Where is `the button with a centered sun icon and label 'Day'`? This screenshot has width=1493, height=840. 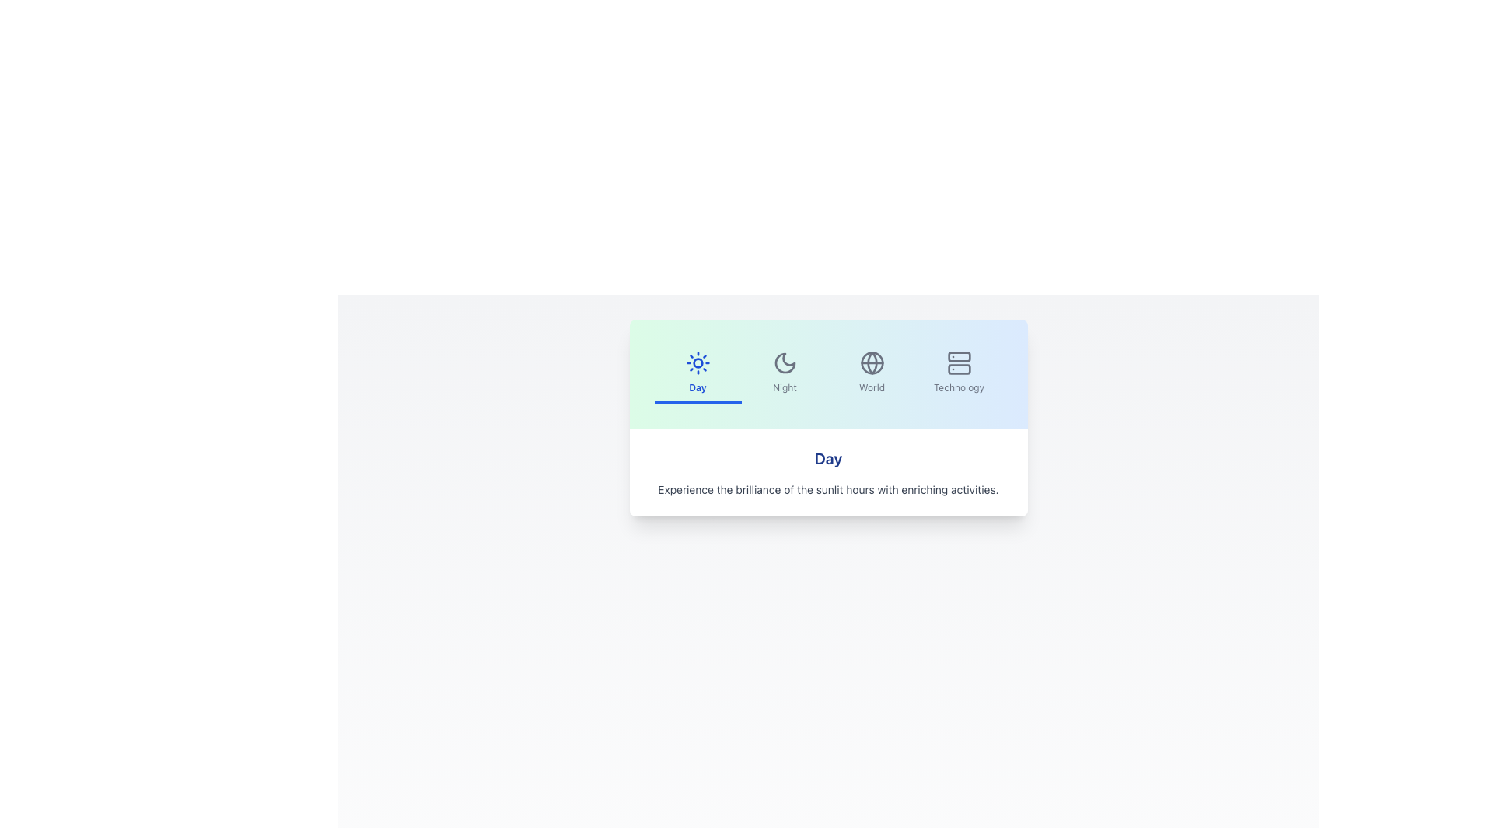 the button with a centered sun icon and label 'Day' is located at coordinates (697, 374).